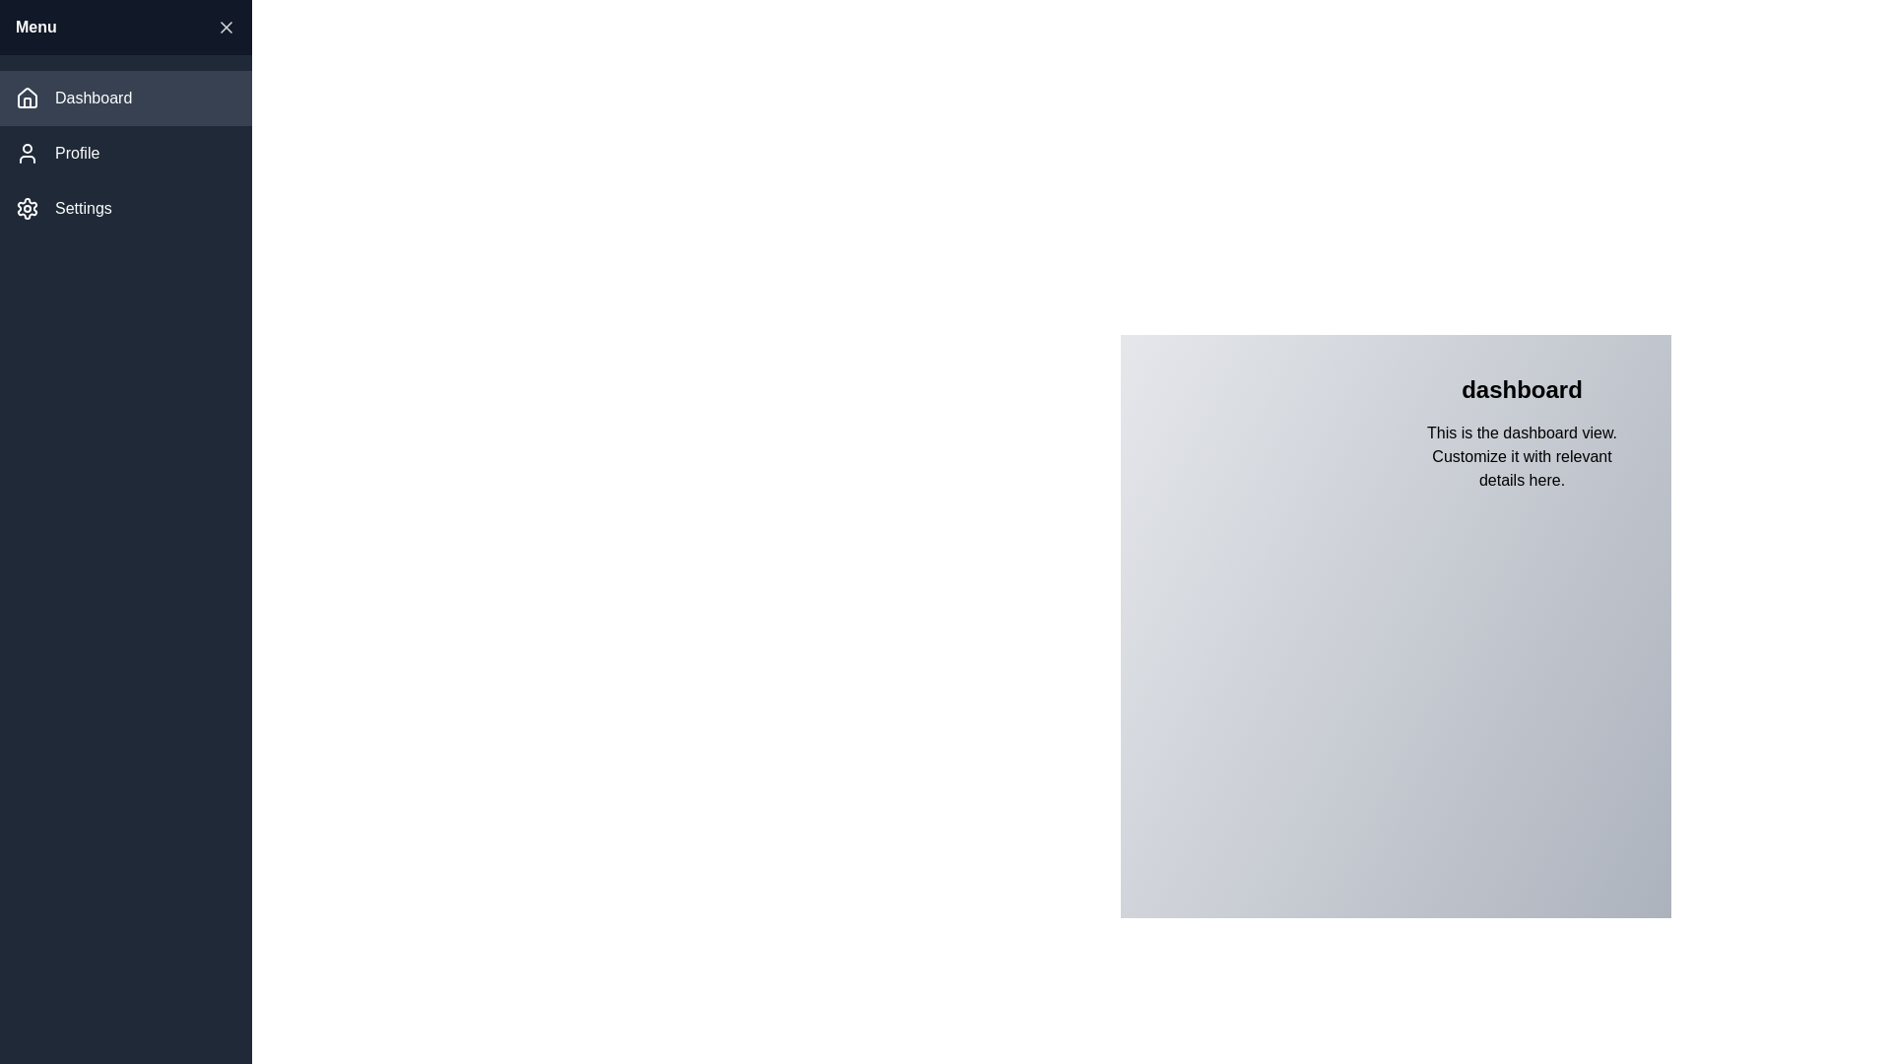  What do you see at coordinates (125, 209) in the screenshot?
I see `the menu item Settings` at bounding box center [125, 209].